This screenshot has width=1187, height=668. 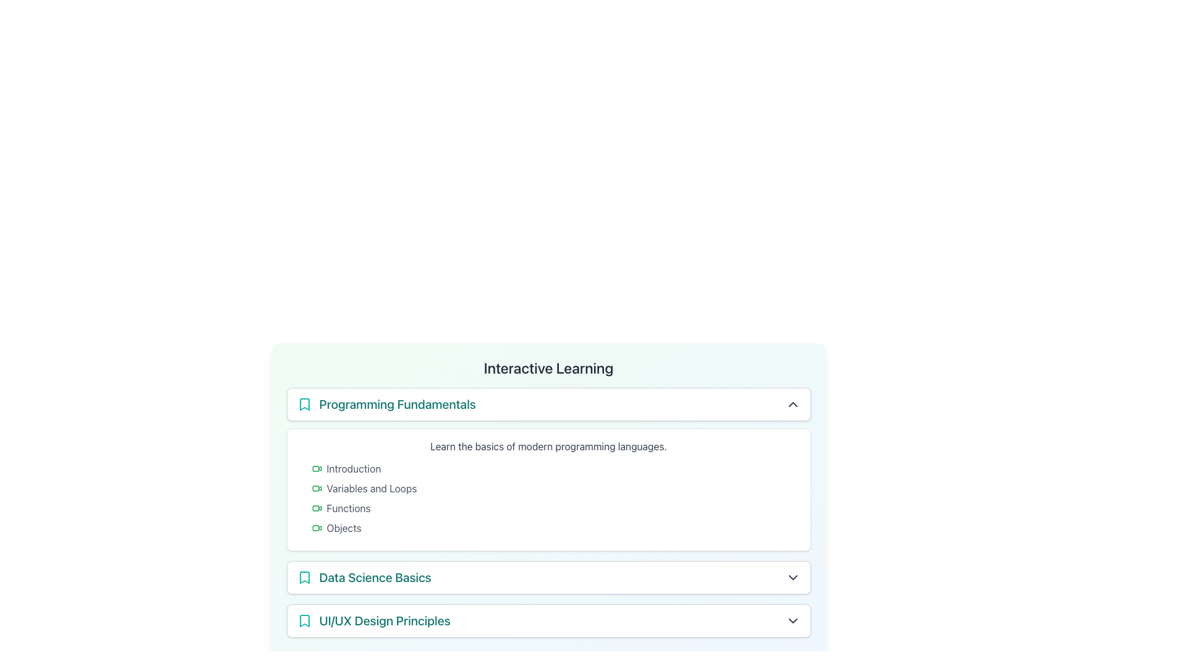 I want to click on the teal bookmark-shaped icon in the 'Interactive Learning' section associated with 'Programming Fundamentals', so click(x=304, y=405).